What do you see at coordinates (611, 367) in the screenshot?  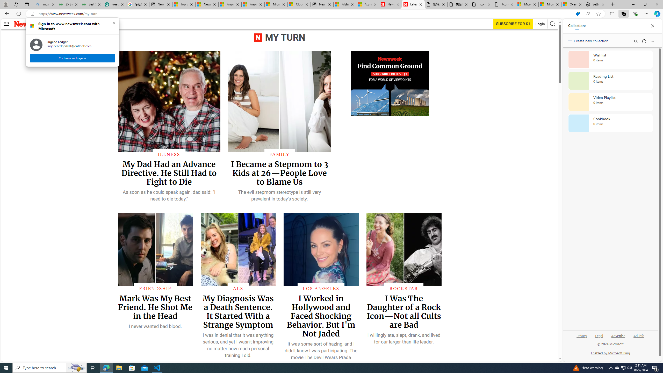 I see `'Notification Chevron'` at bounding box center [611, 367].